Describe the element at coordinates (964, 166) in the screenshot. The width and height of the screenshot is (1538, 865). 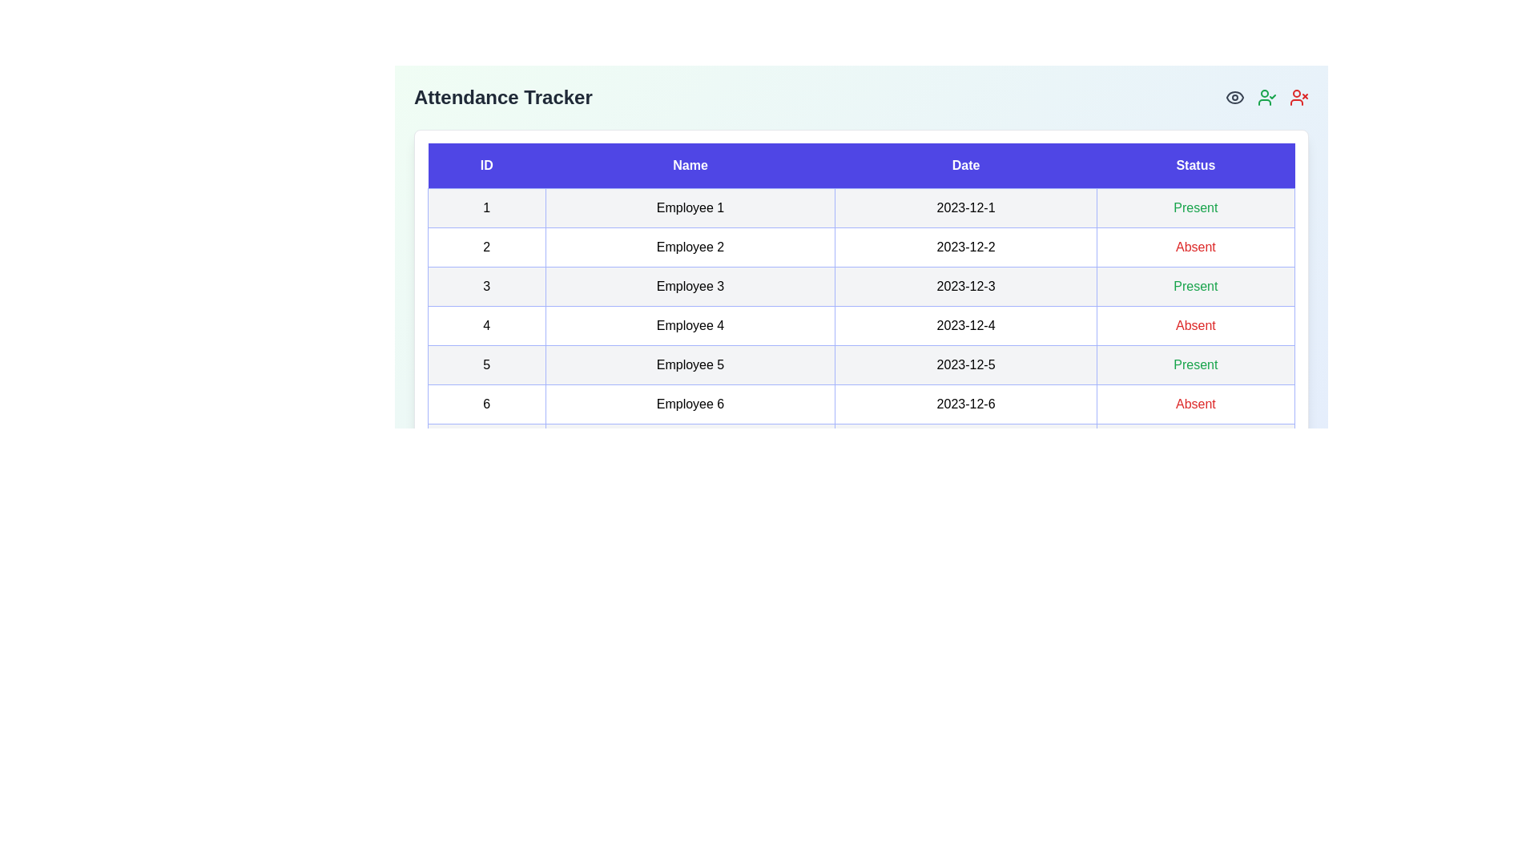
I see `the 'Date' column header to sort the attendance records by date` at that location.